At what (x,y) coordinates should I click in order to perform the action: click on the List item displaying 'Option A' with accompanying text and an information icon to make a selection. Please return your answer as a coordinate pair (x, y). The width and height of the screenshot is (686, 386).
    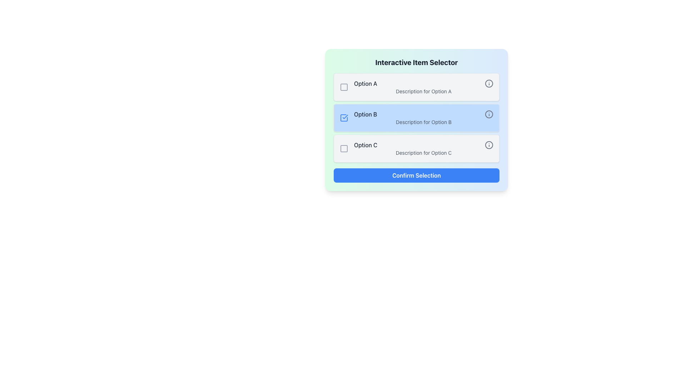
    Looking at the image, I should click on (423, 86).